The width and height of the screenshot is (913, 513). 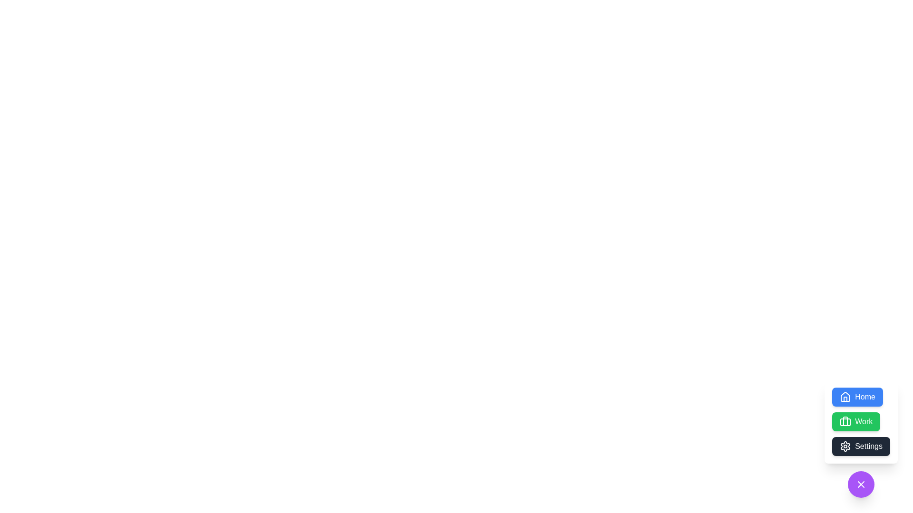 I want to click on the central roof section of the house icon within the 'Home' button, so click(x=845, y=397).